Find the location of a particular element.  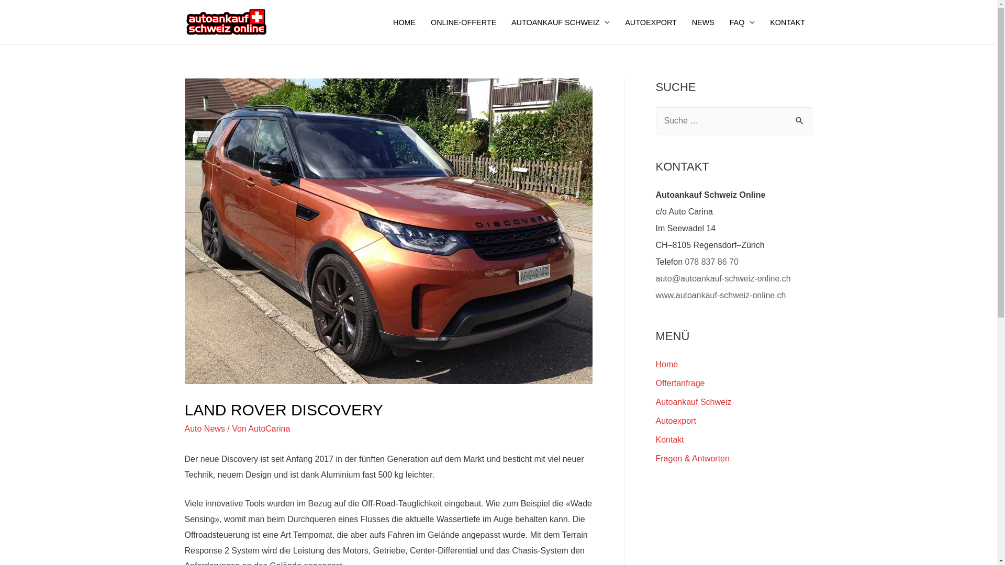

'AUTOEXPORT' is located at coordinates (650, 22).